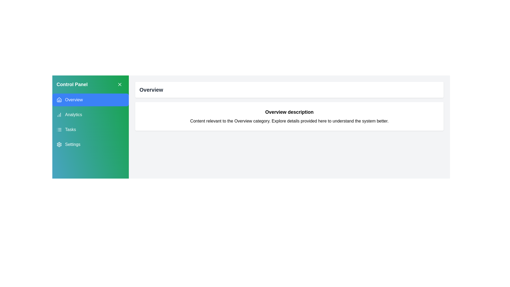 Image resolution: width=510 pixels, height=287 pixels. Describe the element at coordinates (120, 84) in the screenshot. I see `the toggle button to toggle the drawer open or close` at that location.